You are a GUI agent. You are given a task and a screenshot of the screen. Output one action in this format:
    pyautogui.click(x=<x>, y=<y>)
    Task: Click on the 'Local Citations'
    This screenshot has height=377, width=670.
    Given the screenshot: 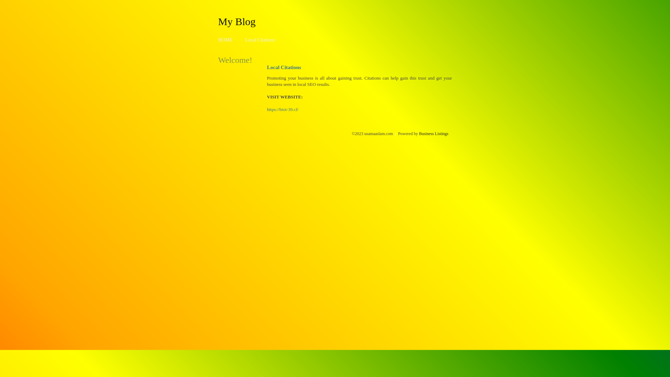 What is the action you would take?
    pyautogui.click(x=259, y=40)
    